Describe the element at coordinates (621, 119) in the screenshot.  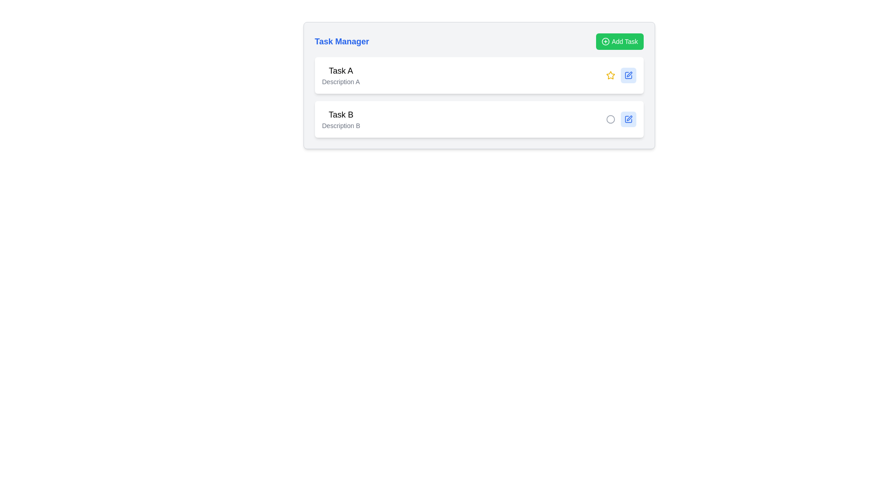
I see `the grouped interactive icons consisting of a hollow gray circle and a blue pencil icon located at the far right of the 'Task B' card, near its bottom right corner` at that location.